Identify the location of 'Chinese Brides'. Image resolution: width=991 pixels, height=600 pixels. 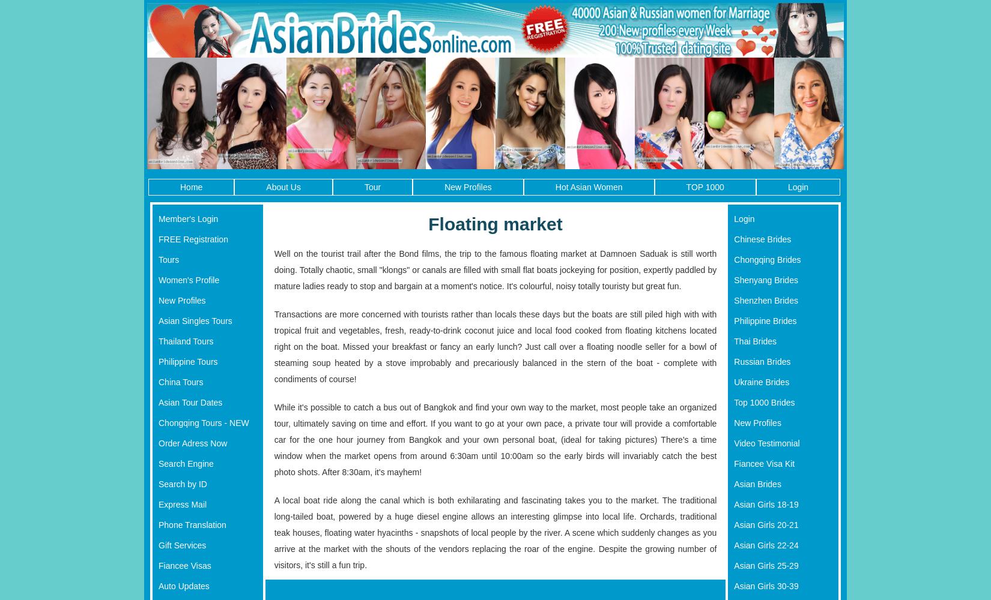
(762, 239).